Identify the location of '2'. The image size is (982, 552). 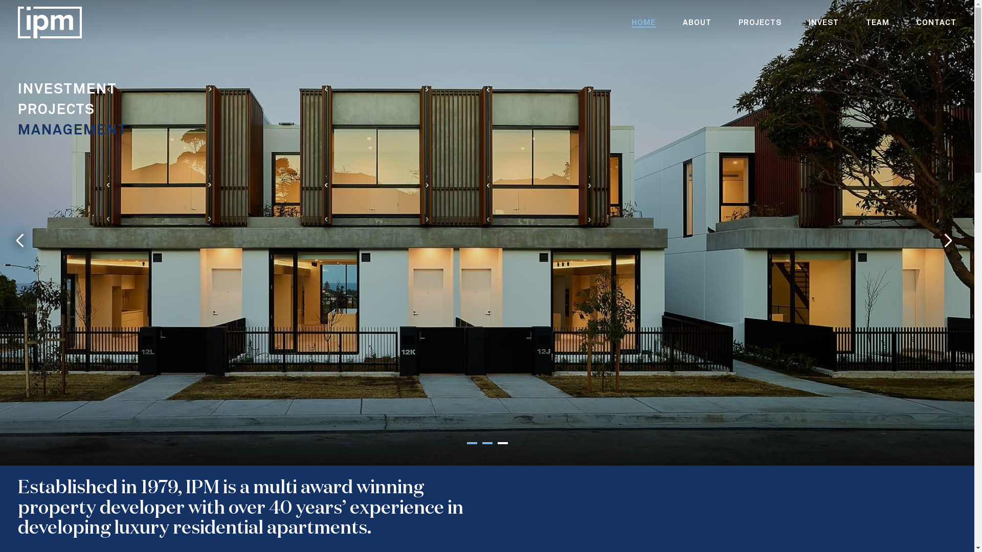
(486, 443).